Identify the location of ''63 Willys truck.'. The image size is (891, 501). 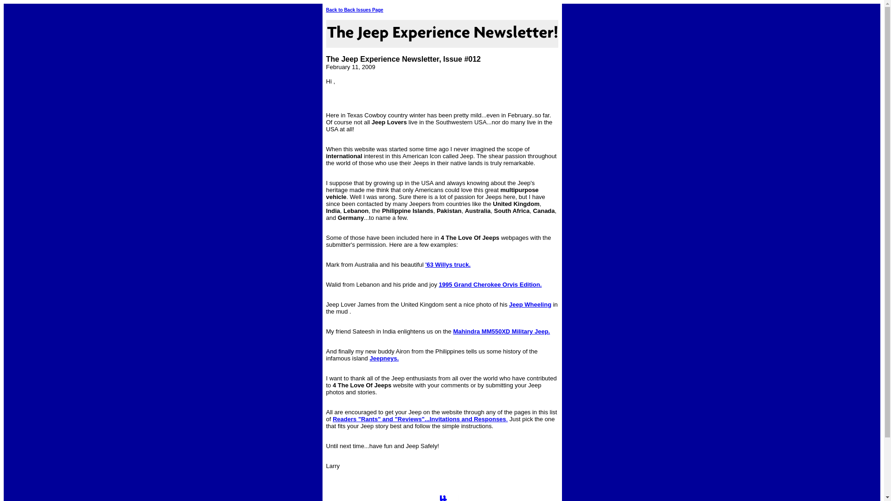
(447, 264).